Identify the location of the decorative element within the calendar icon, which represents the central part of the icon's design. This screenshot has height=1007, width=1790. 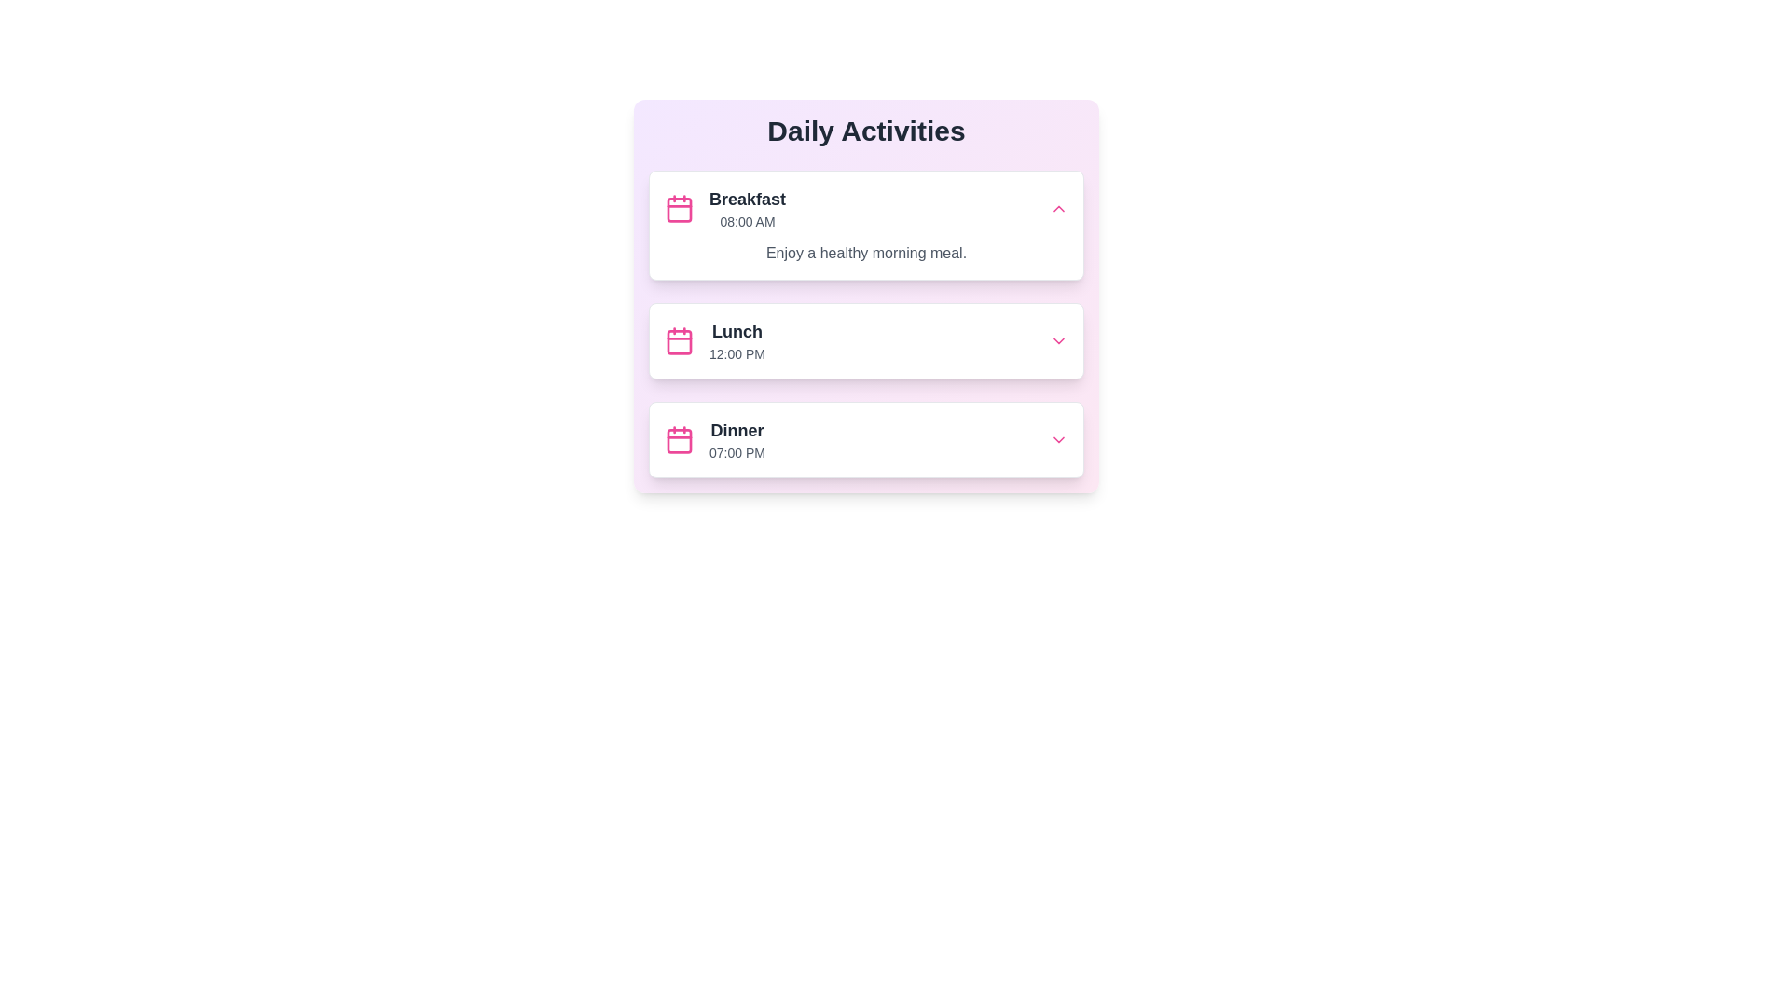
(679, 341).